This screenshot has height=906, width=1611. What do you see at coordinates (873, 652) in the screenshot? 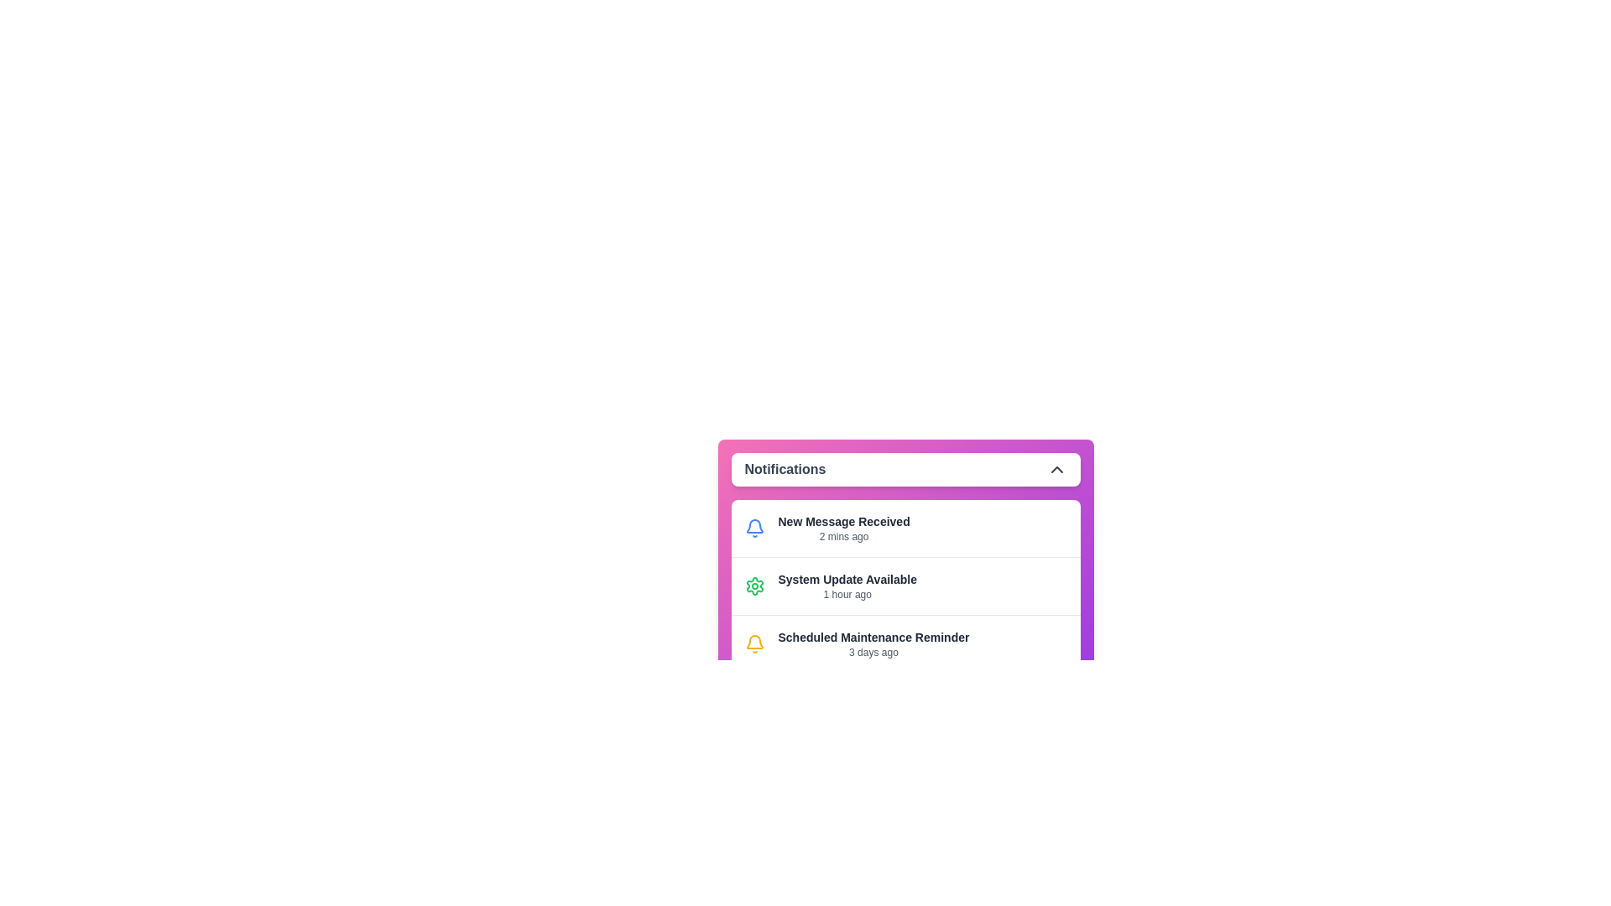
I see `the static text element displaying '3 days ago' located below the title 'Scheduled Maintenance Reminder' in the notification card` at bounding box center [873, 652].